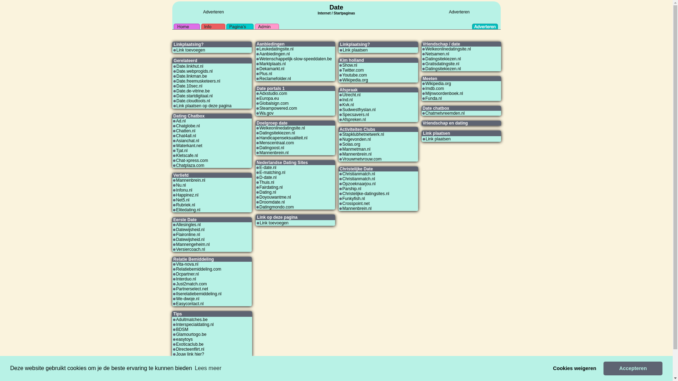  Describe the element at coordinates (198, 269) in the screenshot. I see `'Relatiebemiddeling.com'` at that location.